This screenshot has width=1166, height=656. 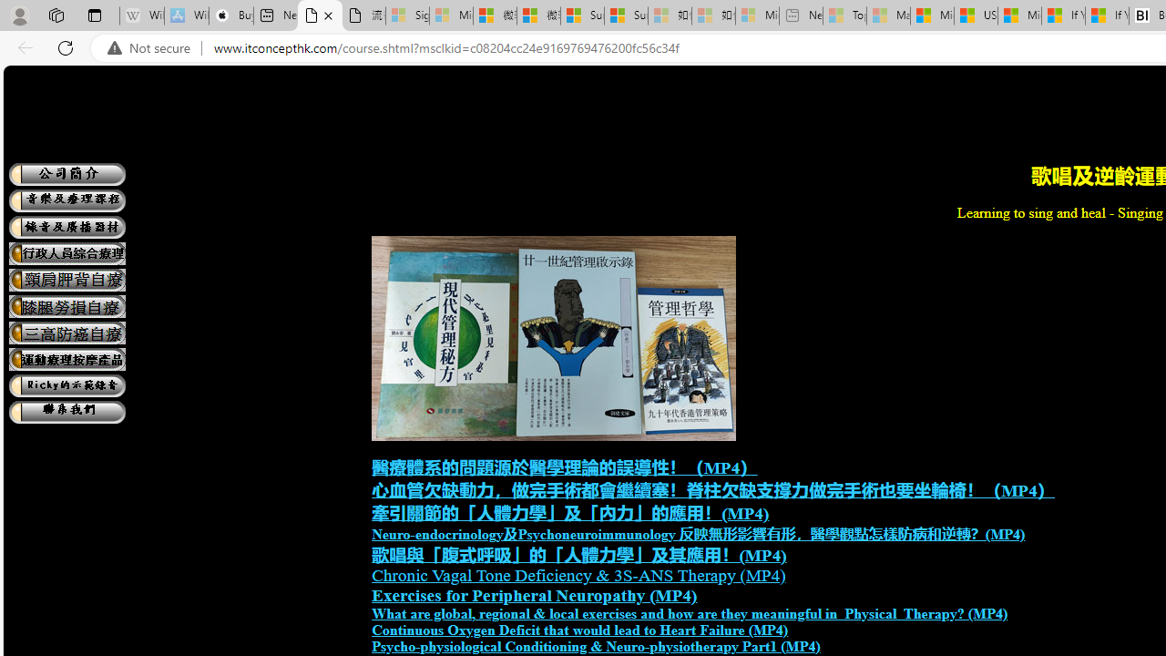 What do you see at coordinates (66, 46) in the screenshot?
I see `'Refresh'` at bounding box center [66, 46].